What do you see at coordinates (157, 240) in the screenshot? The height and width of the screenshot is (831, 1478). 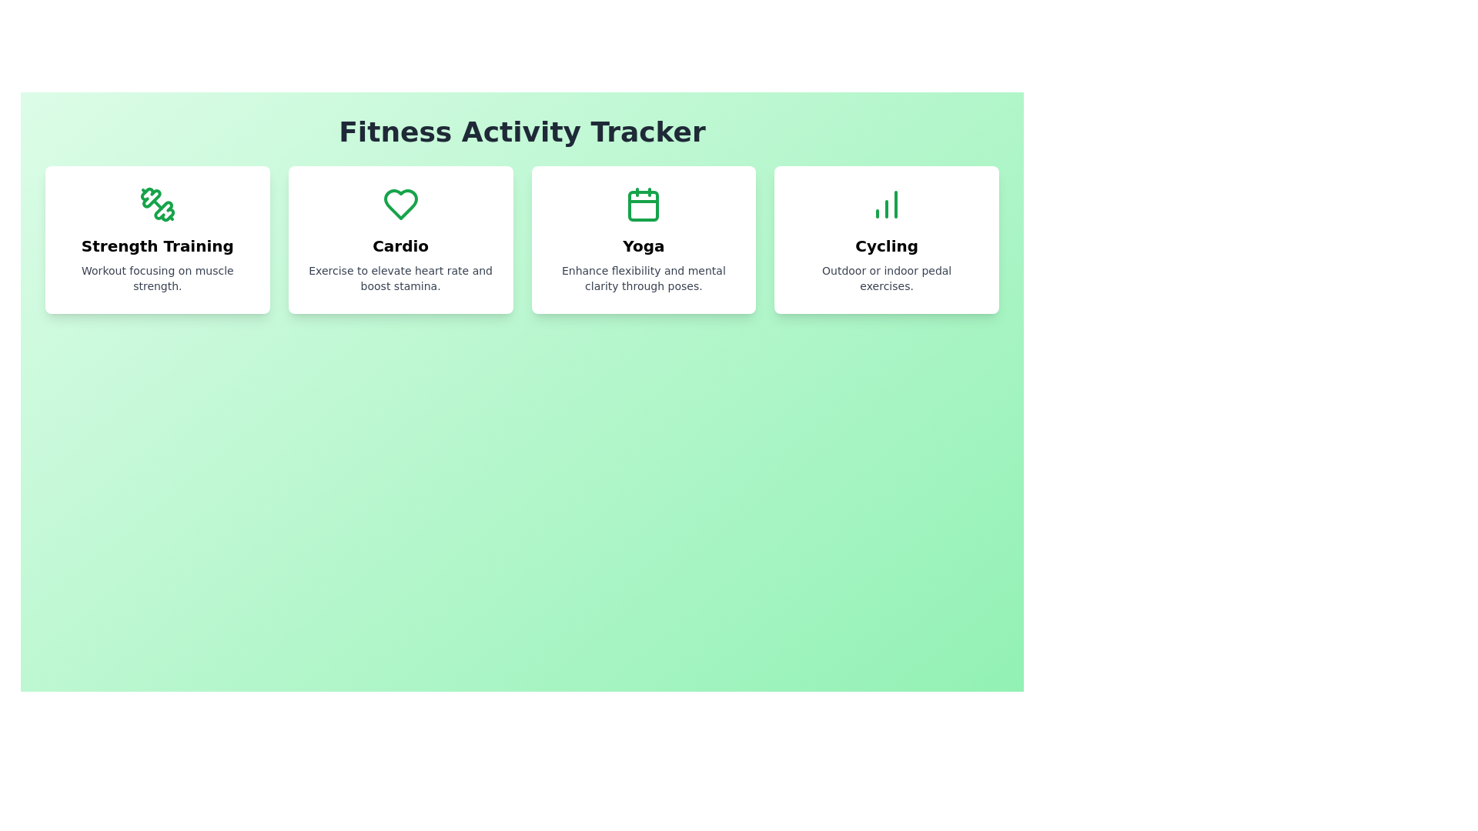 I see `the 'Strength Training' clickable card located in the top-left corner of the grid layout` at bounding box center [157, 240].